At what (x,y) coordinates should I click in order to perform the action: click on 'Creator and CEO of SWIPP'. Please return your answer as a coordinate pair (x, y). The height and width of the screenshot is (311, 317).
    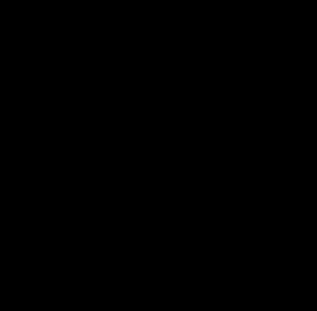
    Looking at the image, I should click on (53, 298).